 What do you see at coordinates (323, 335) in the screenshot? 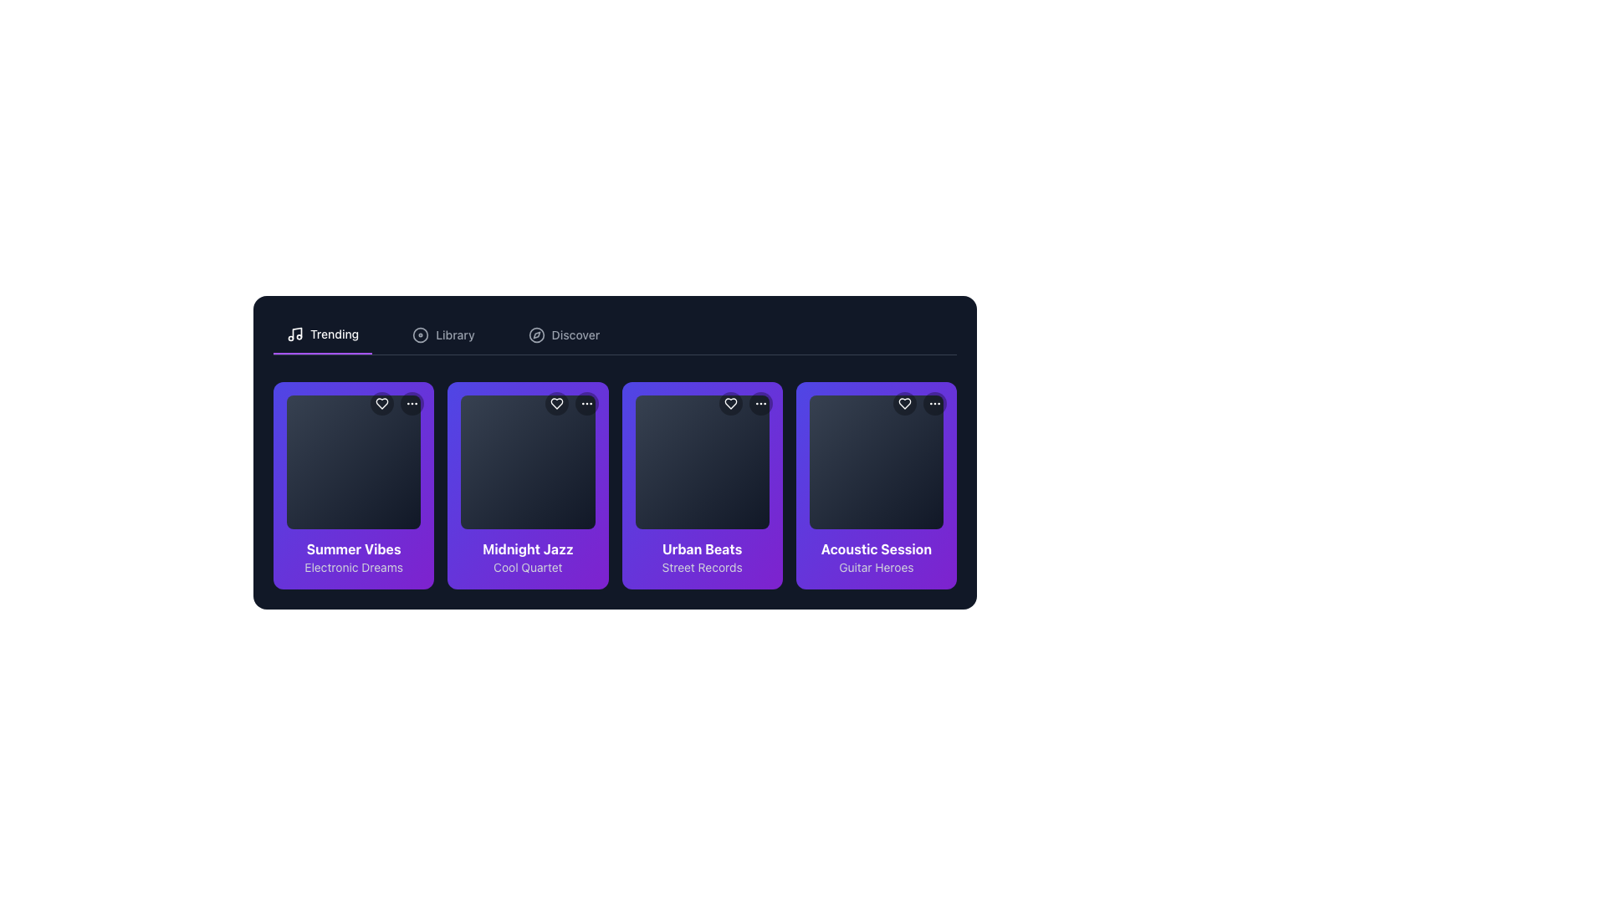
I see `the 'Trending' navigation button located at the top left corner of the interface` at bounding box center [323, 335].